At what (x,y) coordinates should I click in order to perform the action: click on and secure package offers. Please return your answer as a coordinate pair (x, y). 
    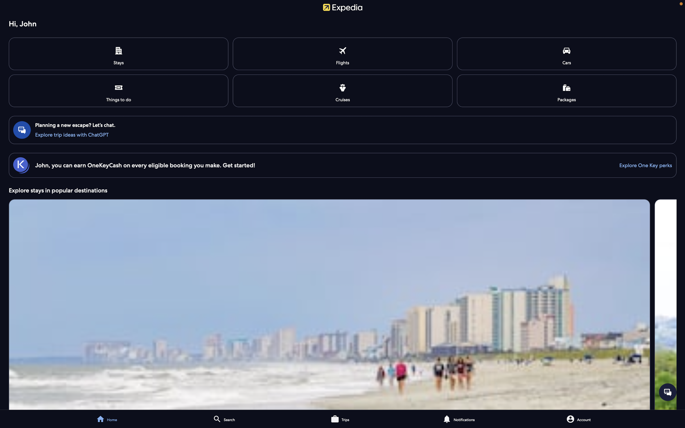
    Looking at the image, I should click on (566, 90).